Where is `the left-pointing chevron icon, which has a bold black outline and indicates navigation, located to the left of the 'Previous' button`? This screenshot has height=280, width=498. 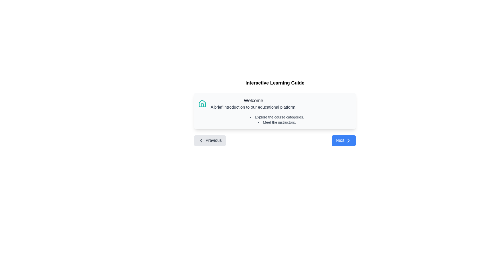
the left-pointing chevron icon, which has a bold black outline and indicates navigation, located to the left of the 'Previous' button is located at coordinates (201, 141).